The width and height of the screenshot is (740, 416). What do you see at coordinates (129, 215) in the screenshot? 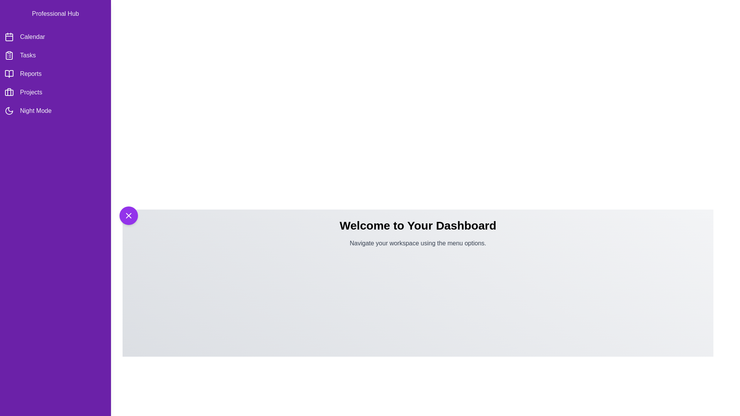
I see `button in the top-left corner to toggle the visibility of the side drawer` at bounding box center [129, 215].